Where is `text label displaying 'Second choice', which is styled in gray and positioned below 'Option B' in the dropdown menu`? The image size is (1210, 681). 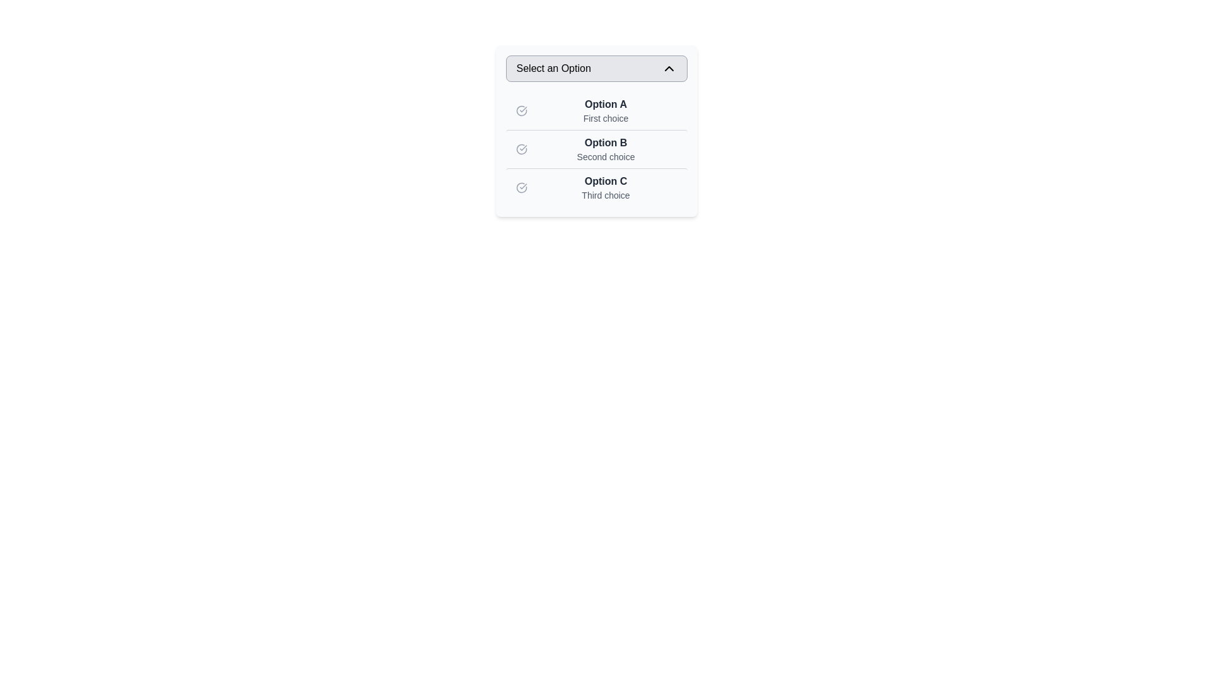
text label displaying 'Second choice', which is styled in gray and positioned below 'Option B' in the dropdown menu is located at coordinates (606, 156).